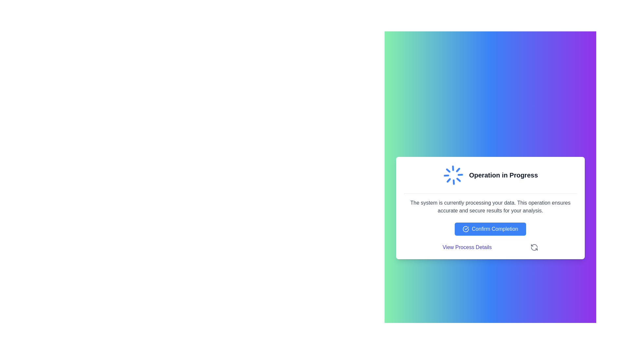  Describe the element at coordinates (466, 228) in the screenshot. I see `the affirmative purpose icon within the blue 'Confirm Completion' button, which is positioned to the immediate left of the text label` at that location.